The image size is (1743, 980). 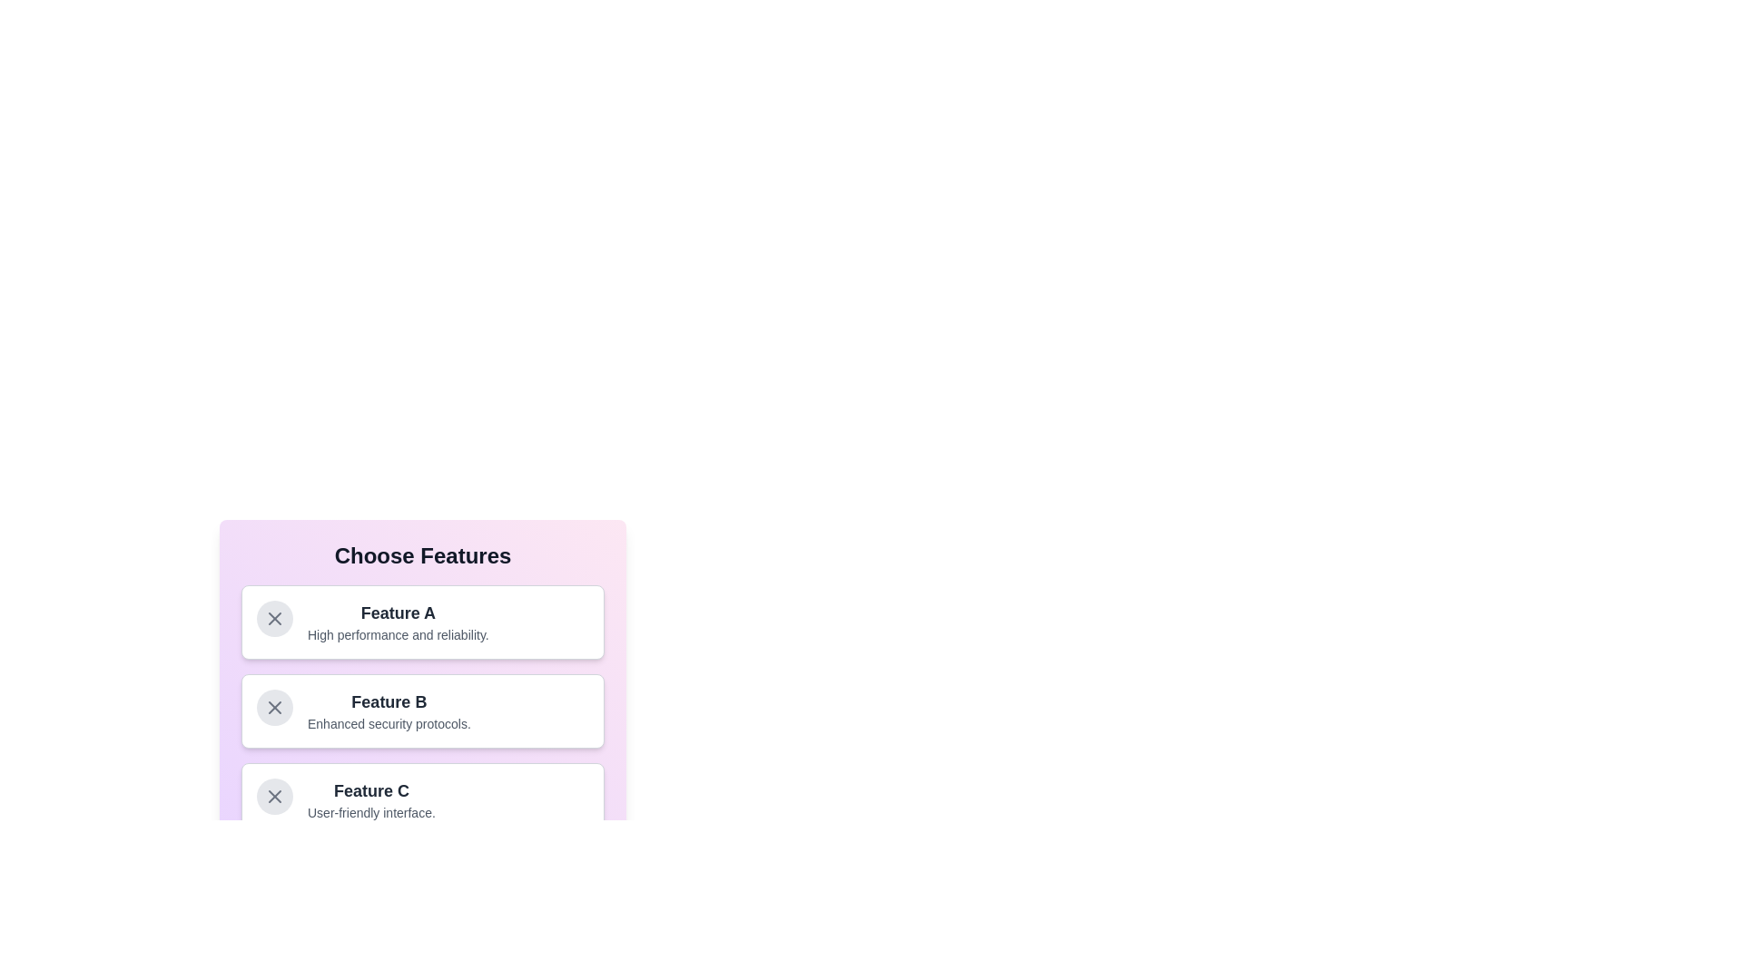 I want to click on the cross-shaped icon, so click(x=273, y=796).